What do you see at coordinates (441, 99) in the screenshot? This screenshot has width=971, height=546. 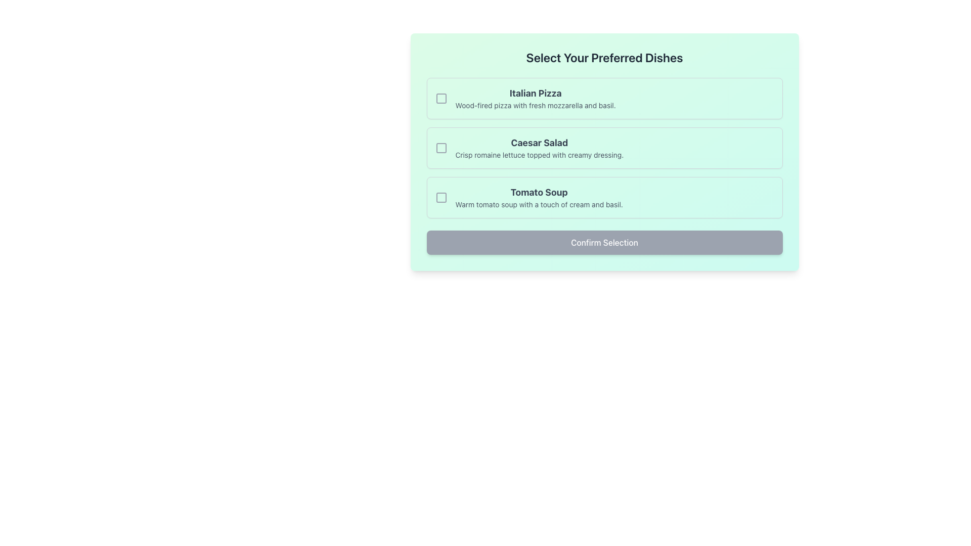 I see `the checkbox-like graphical component next to the 'Italian Pizza' text, which is styled to resemble a checkbox but is non-interactive` at bounding box center [441, 99].